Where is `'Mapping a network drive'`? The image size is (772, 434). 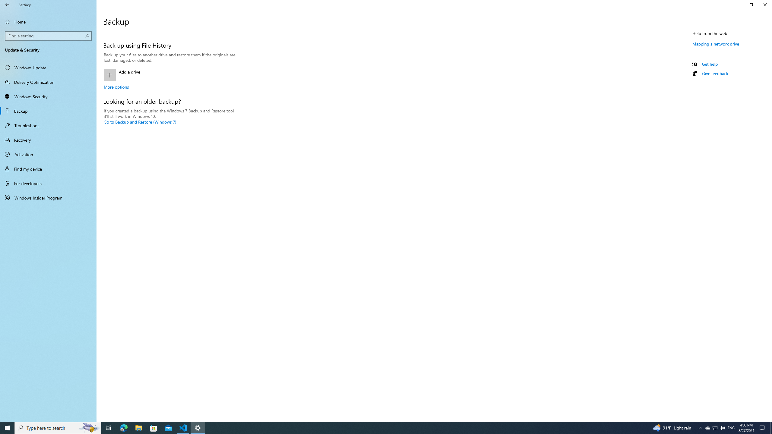
'Mapping a network drive' is located at coordinates (716, 44).